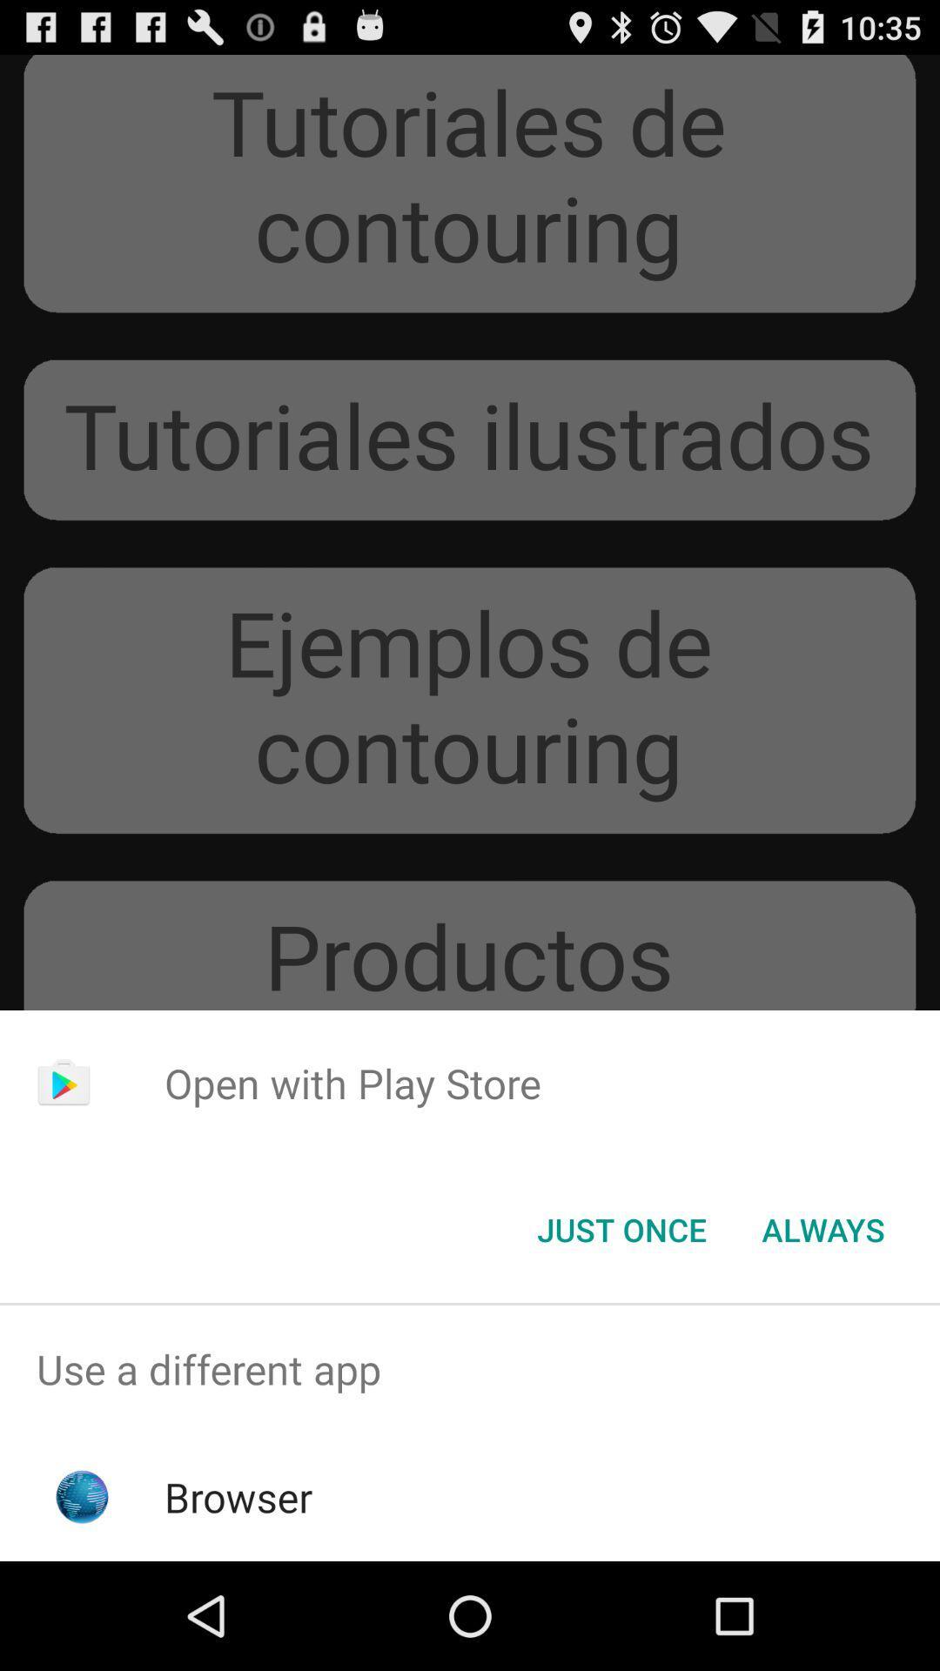 The width and height of the screenshot is (940, 1671). I want to click on the use a different, so click(470, 1368).